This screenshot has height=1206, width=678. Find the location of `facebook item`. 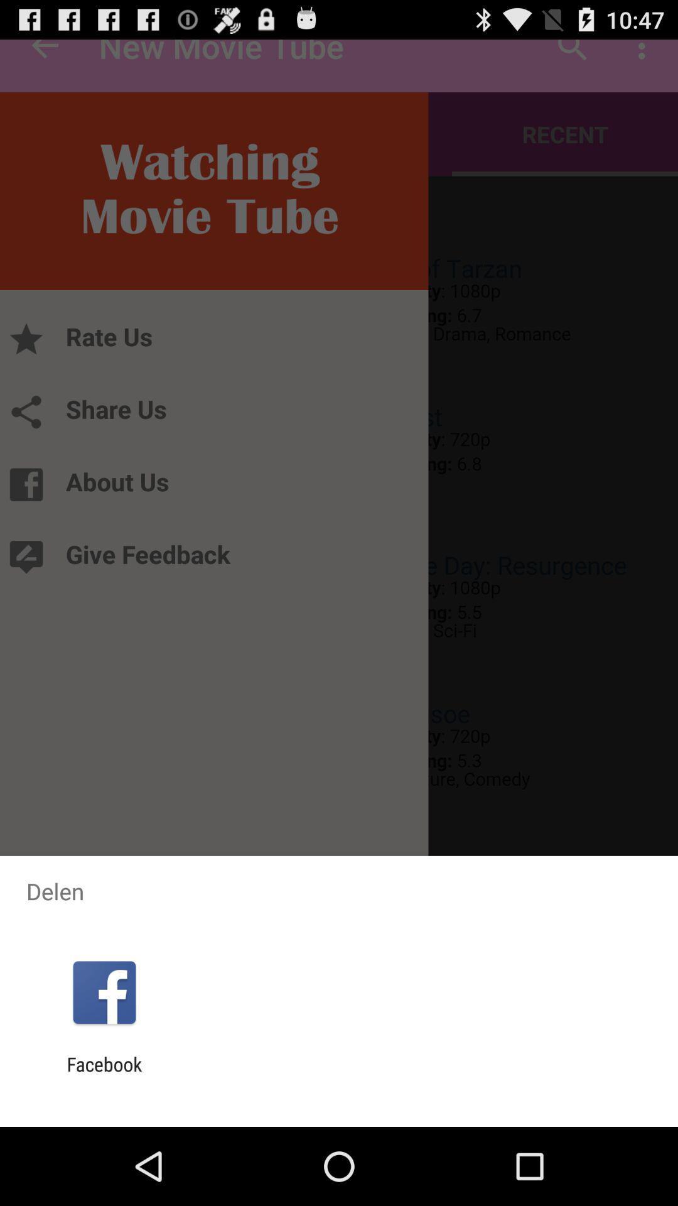

facebook item is located at coordinates (104, 1075).